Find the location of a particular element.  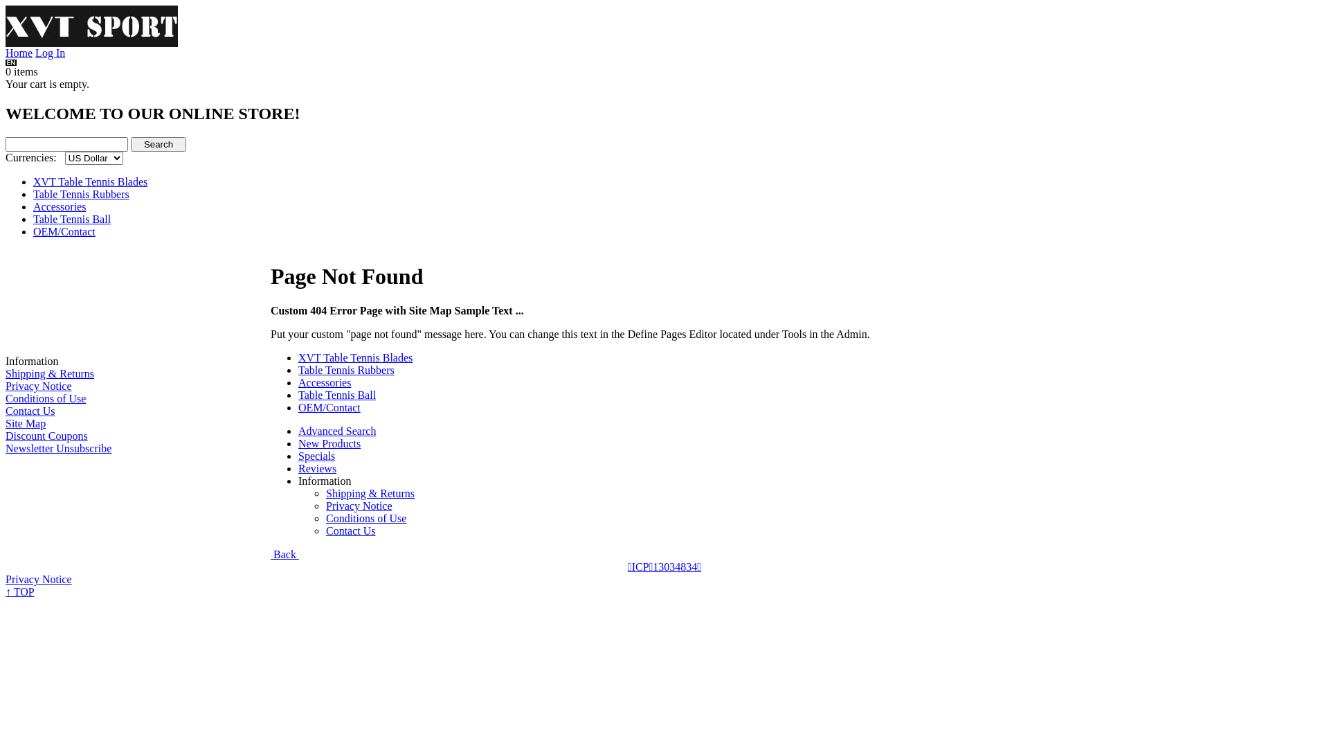

'Reviews' is located at coordinates (316, 467).